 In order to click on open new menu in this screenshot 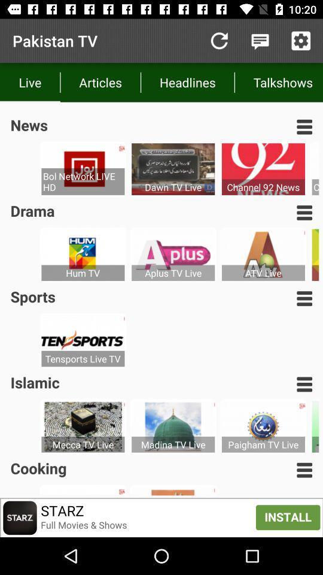, I will do `click(304, 126)`.